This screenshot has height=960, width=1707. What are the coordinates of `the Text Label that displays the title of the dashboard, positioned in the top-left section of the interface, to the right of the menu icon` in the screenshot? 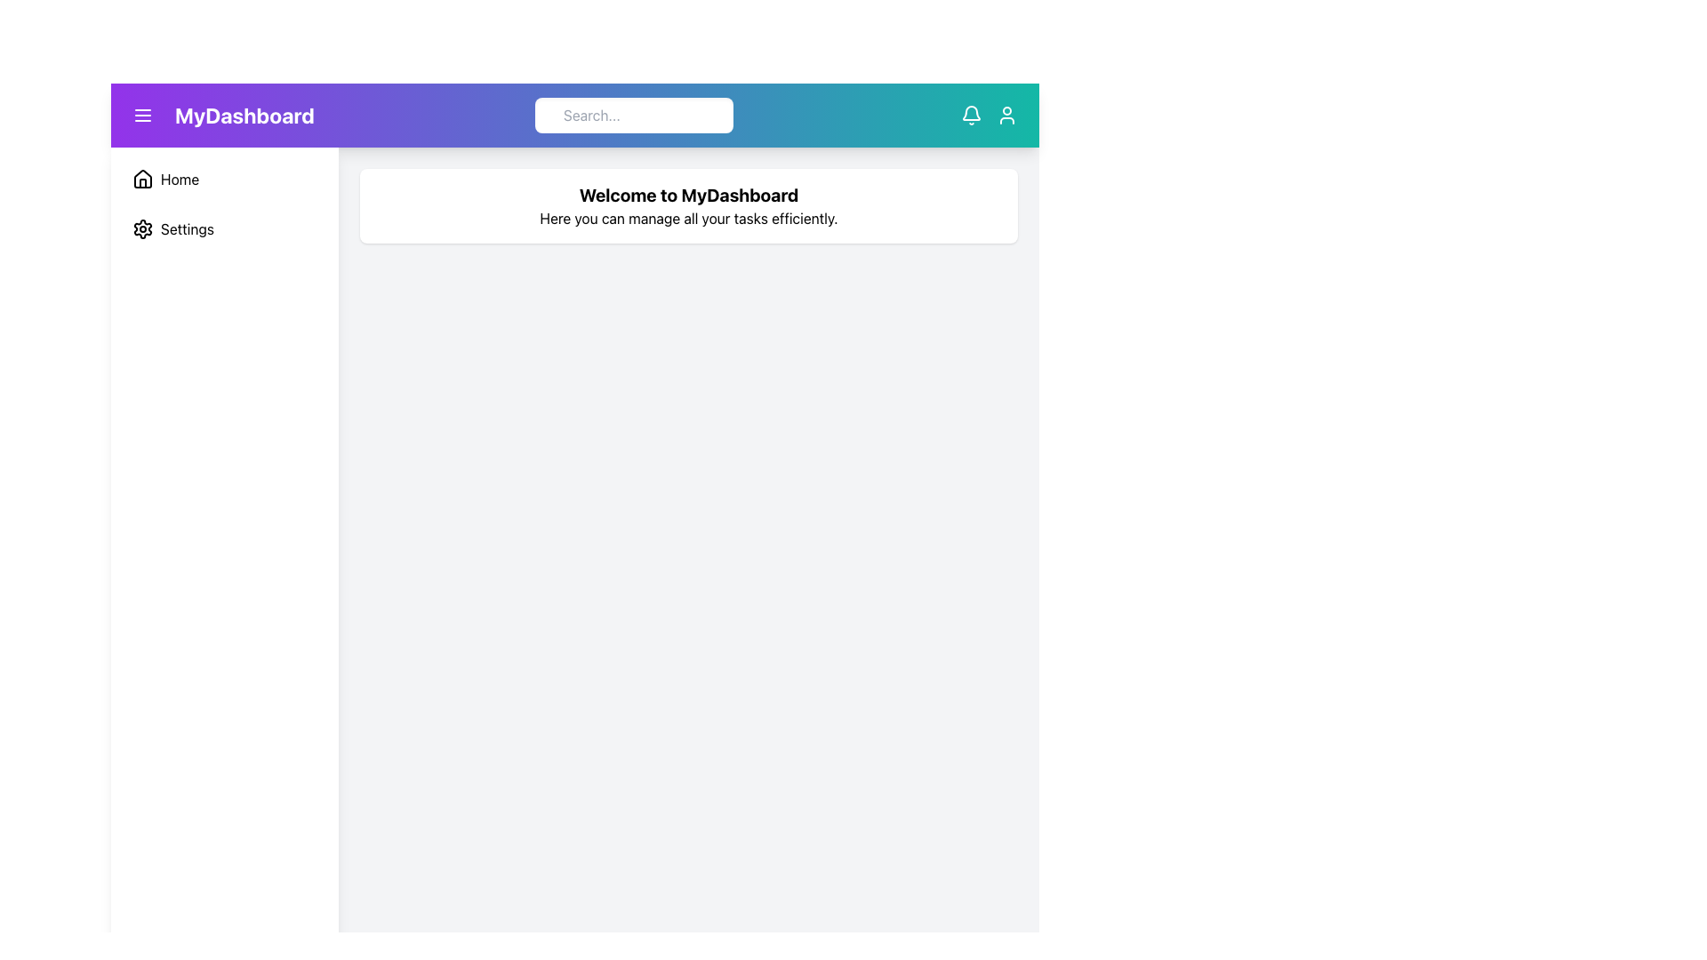 It's located at (219, 116).